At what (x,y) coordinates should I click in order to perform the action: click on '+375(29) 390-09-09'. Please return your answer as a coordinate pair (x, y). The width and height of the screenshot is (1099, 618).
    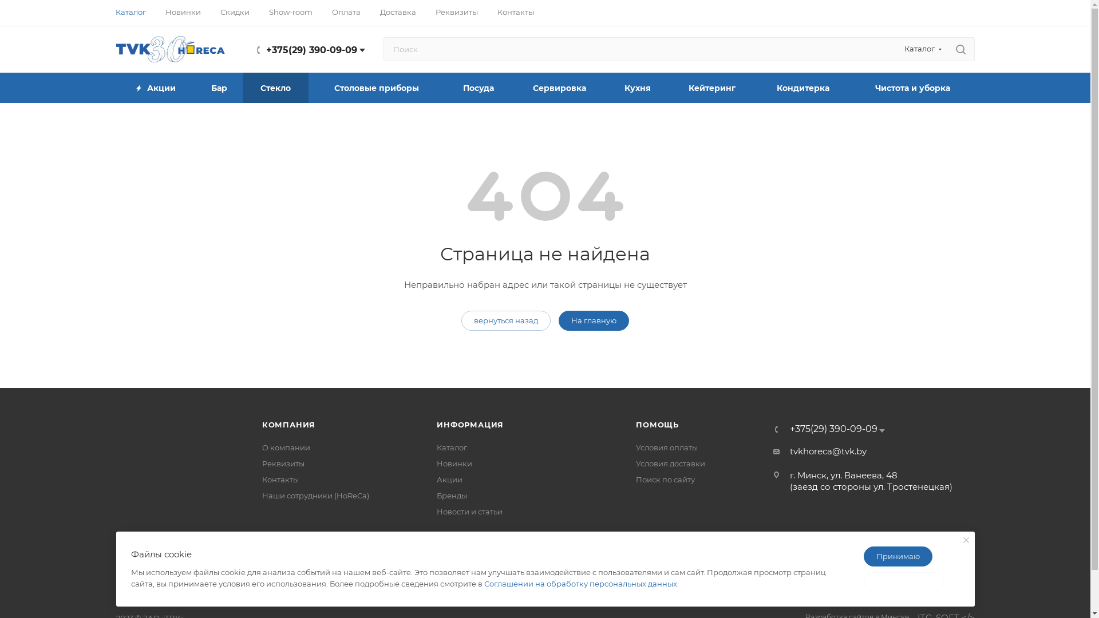
    Looking at the image, I should click on (265, 49).